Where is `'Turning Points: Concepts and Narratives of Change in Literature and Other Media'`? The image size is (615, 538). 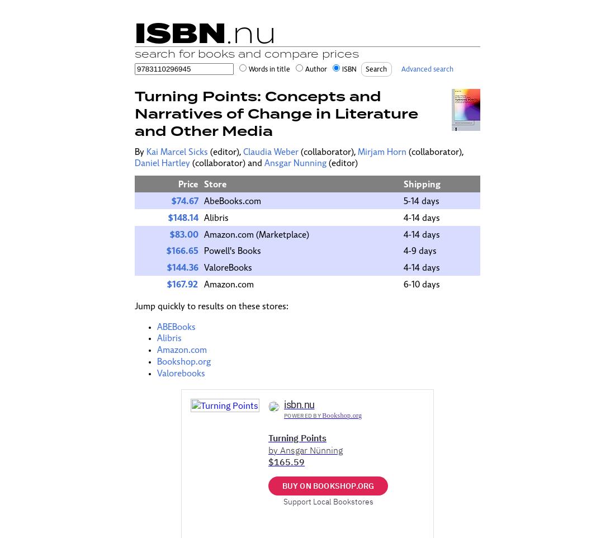
'Turning Points: Concepts and Narratives of Change in Literature and Other Media' is located at coordinates (276, 114).